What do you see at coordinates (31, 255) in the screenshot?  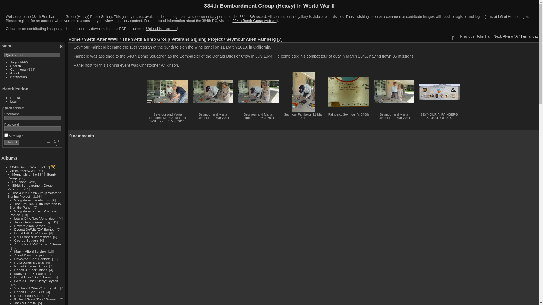 I see `'Alfred David Benjamin'` at bounding box center [31, 255].